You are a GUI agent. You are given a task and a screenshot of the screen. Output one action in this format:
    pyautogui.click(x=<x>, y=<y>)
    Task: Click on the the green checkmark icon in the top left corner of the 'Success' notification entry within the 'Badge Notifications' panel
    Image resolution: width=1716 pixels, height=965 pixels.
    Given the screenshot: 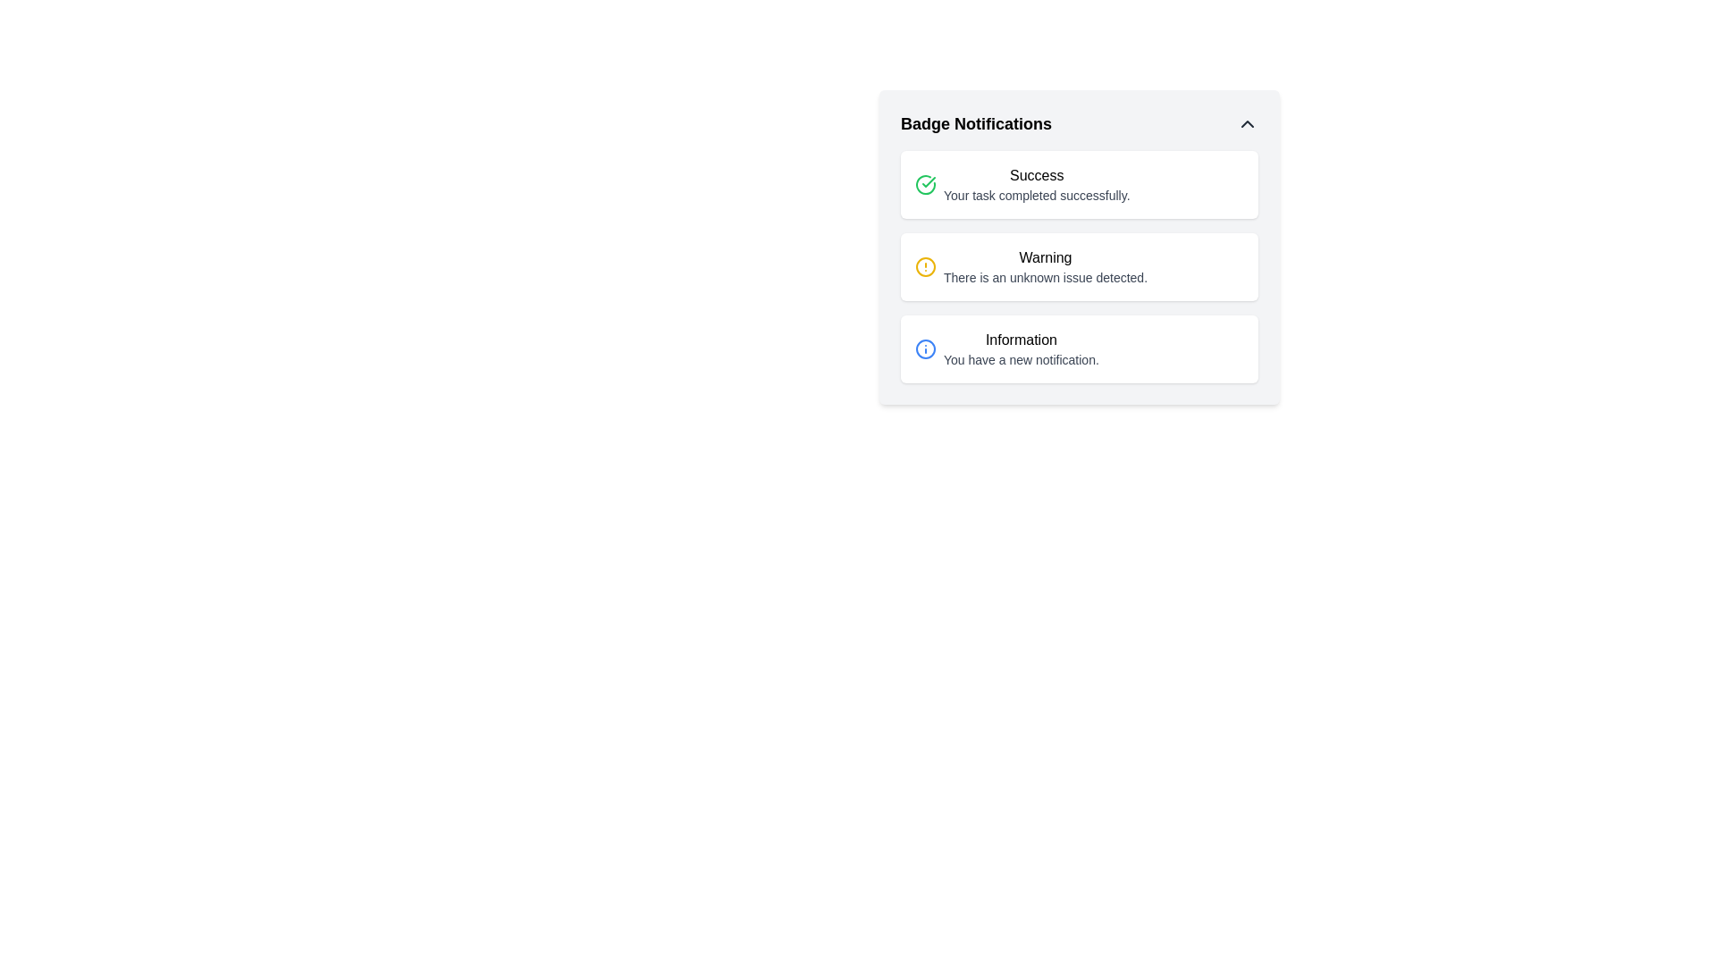 What is the action you would take?
    pyautogui.click(x=926, y=185)
    